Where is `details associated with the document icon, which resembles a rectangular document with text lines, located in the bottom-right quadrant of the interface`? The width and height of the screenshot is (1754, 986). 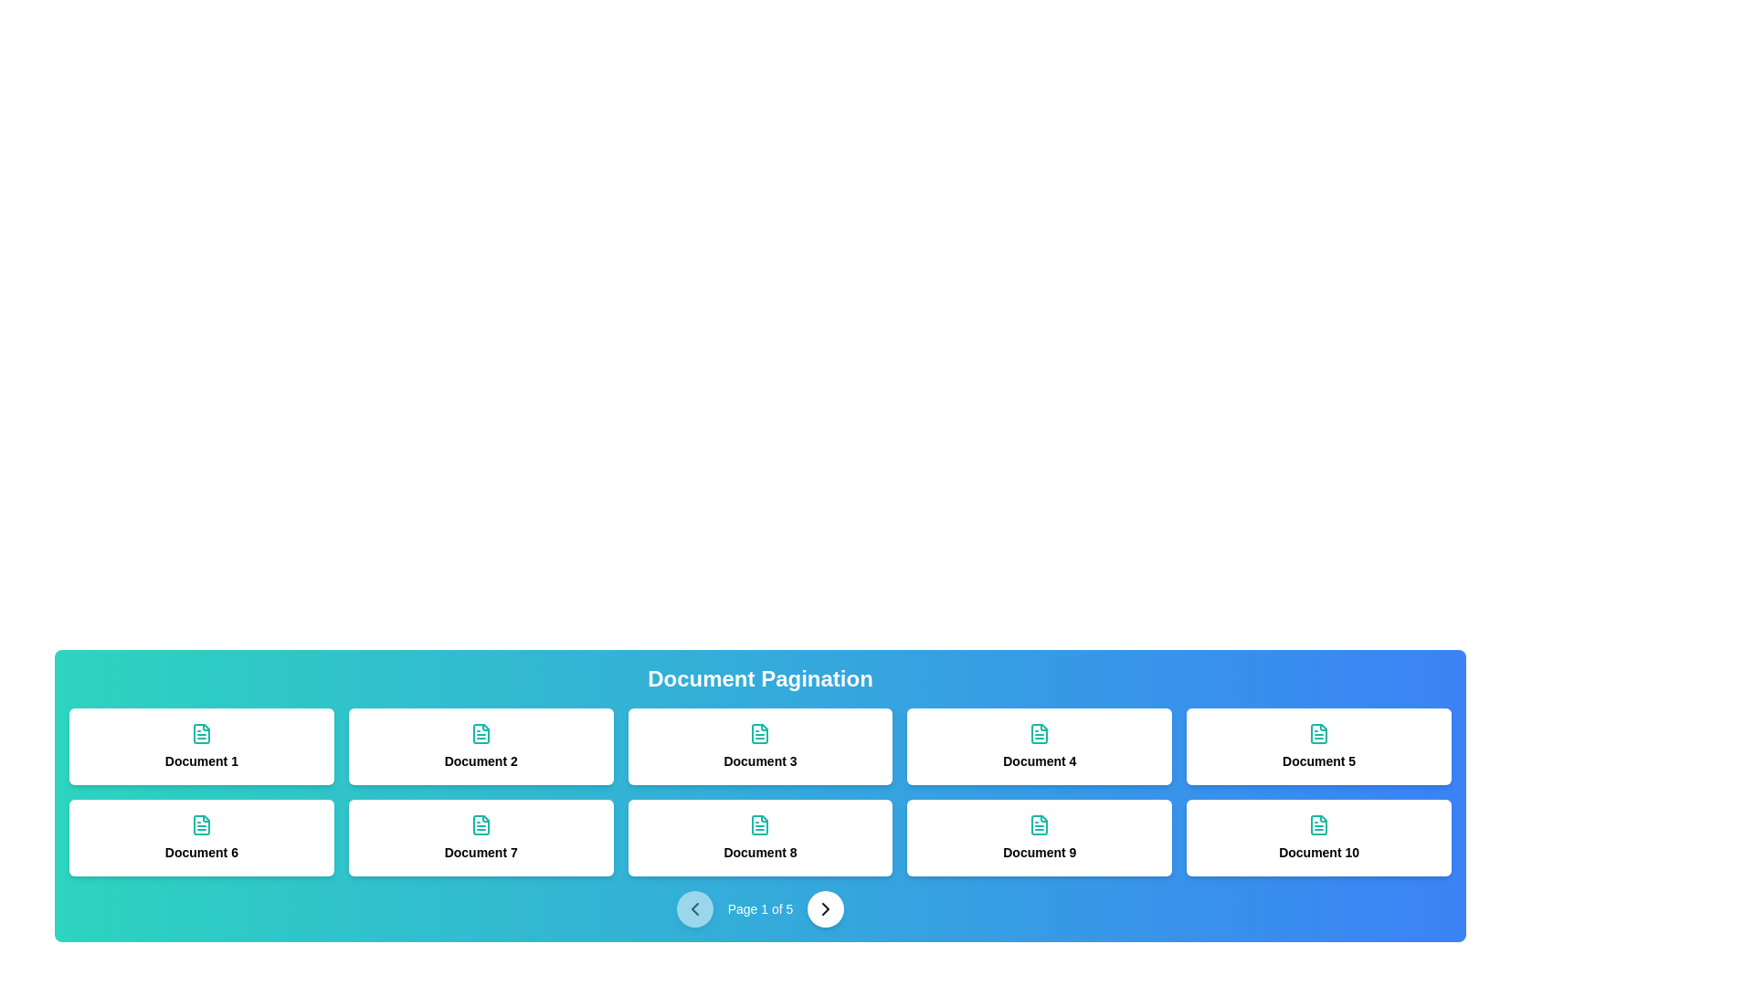 details associated with the document icon, which resembles a rectangular document with text lines, located in the bottom-right quadrant of the interface is located at coordinates (1319, 824).